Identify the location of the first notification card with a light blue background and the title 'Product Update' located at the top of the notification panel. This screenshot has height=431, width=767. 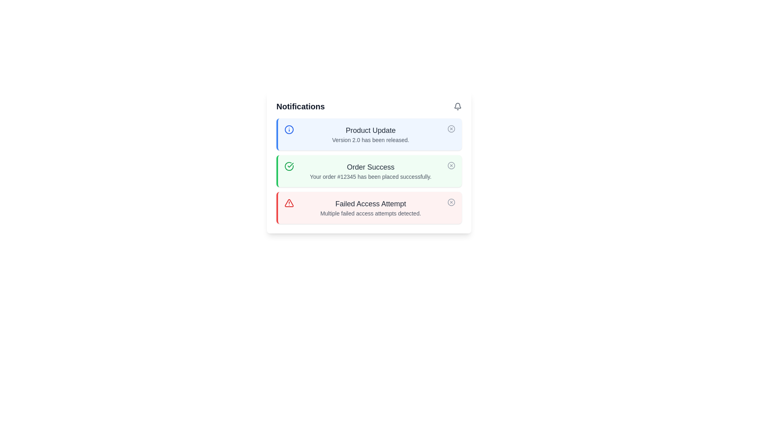
(369, 134).